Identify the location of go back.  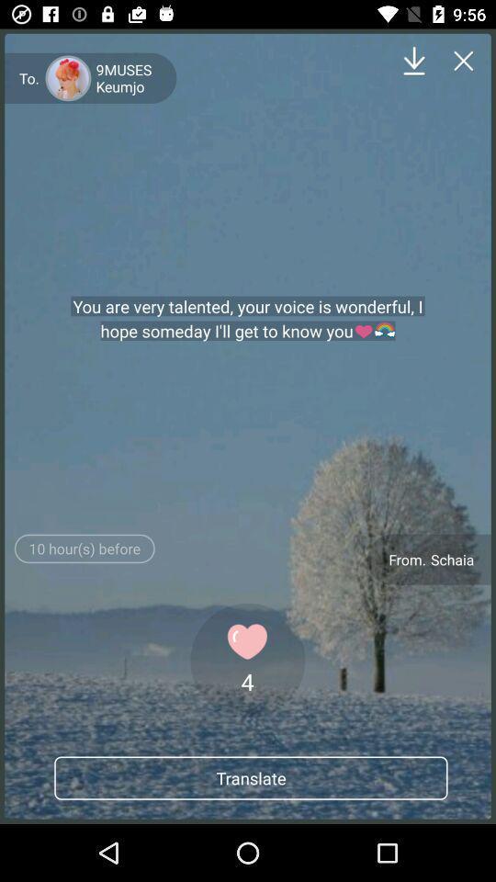
(463, 61).